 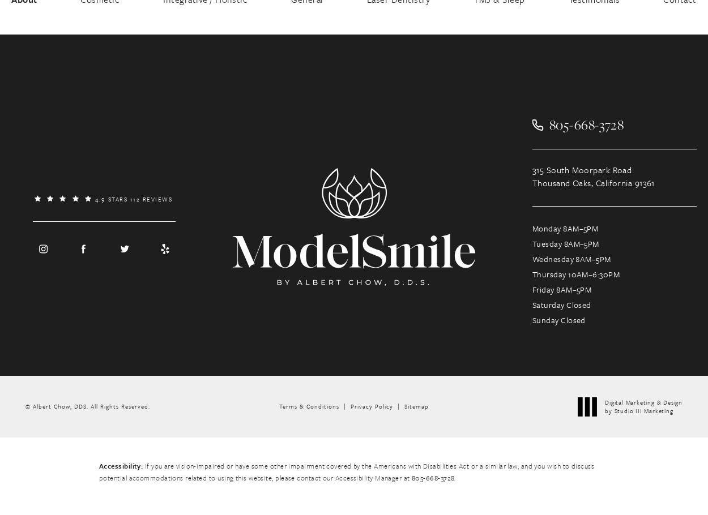 I want to click on 'All Rights Reserved.', so click(x=120, y=405).